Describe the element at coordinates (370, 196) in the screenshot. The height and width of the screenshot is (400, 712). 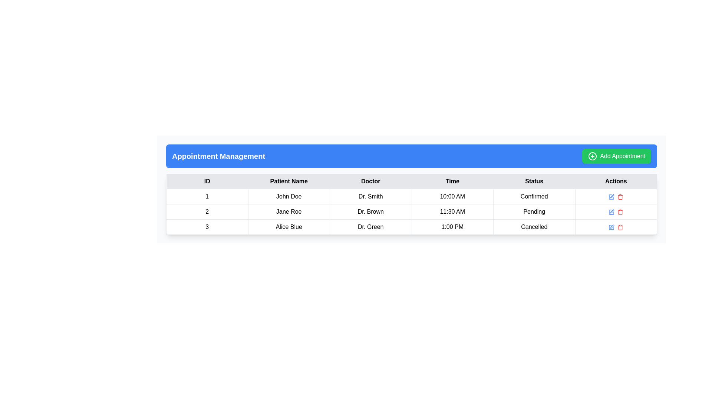
I see `text content of the text cell displaying 'Dr. Smith' in the 'Doctor' column of the first row in the table` at that location.